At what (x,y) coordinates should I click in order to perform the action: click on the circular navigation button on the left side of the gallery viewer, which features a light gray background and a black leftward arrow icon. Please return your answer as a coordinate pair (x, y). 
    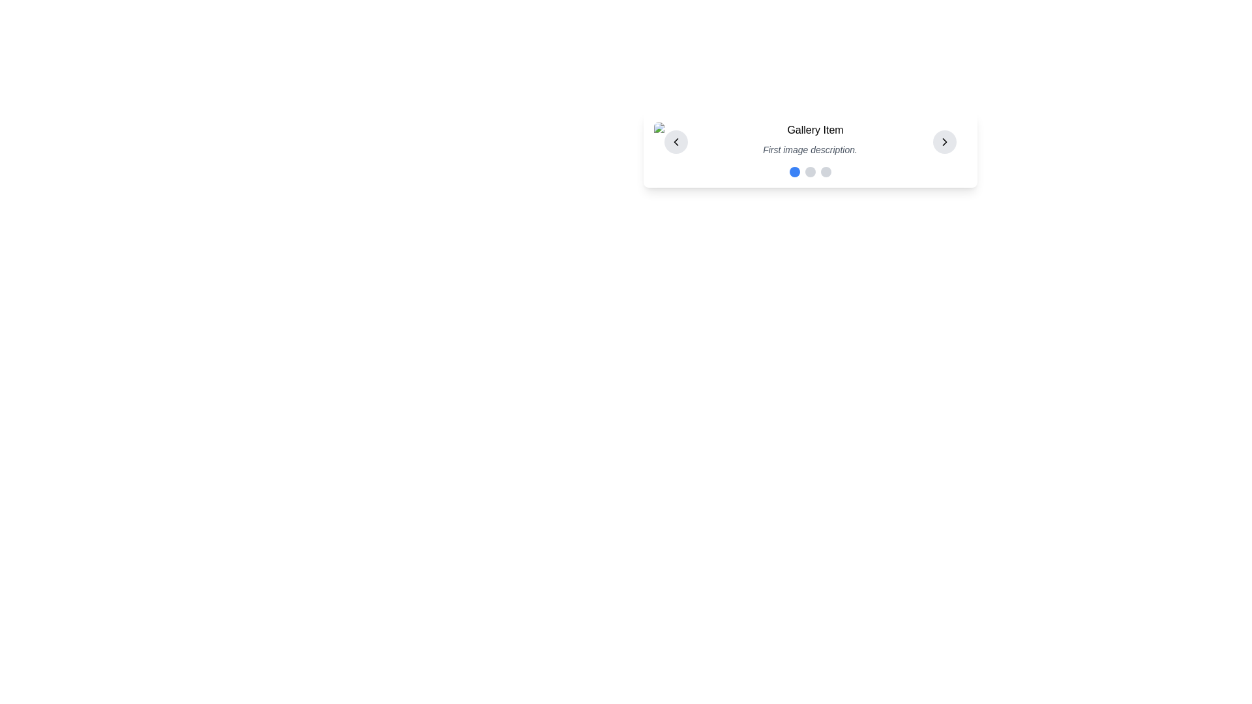
    Looking at the image, I should click on (676, 142).